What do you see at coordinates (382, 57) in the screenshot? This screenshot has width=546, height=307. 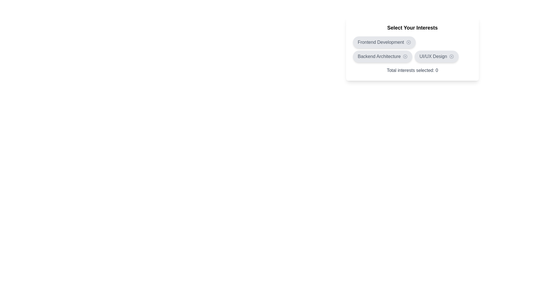 I see `the close icon 'X' of the button that allows users to deselect the 'Backend Architecture' interest` at bounding box center [382, 57].